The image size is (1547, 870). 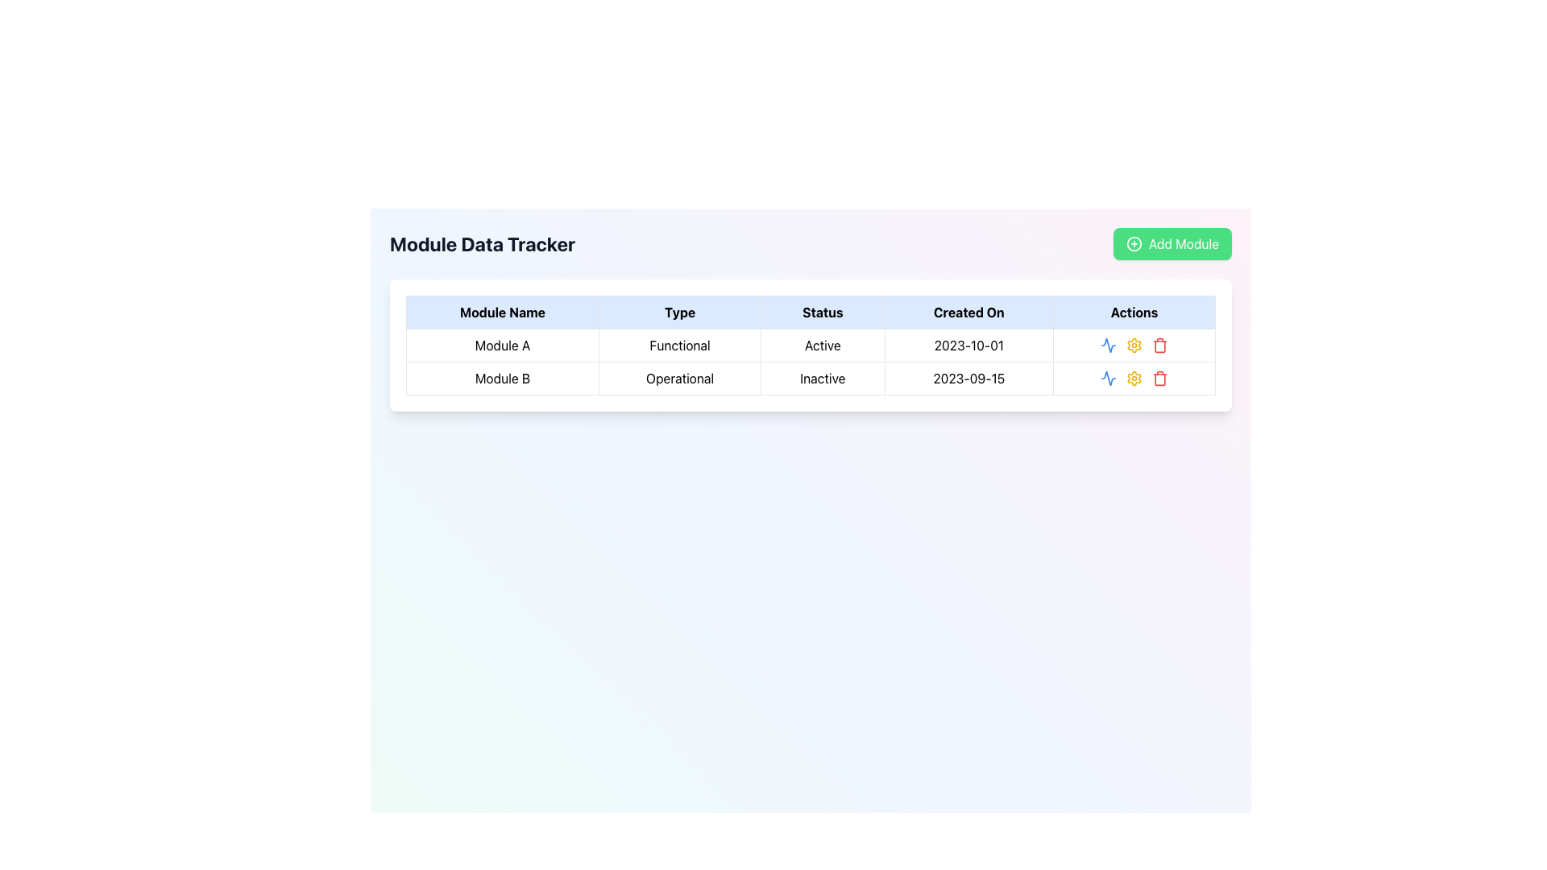 What do you see at coordinates (823, 344) in the screenshot?
I see `the text label displaying 'Active' in the 'Status' column of the first row in the table` at bounding box center [823, 344].